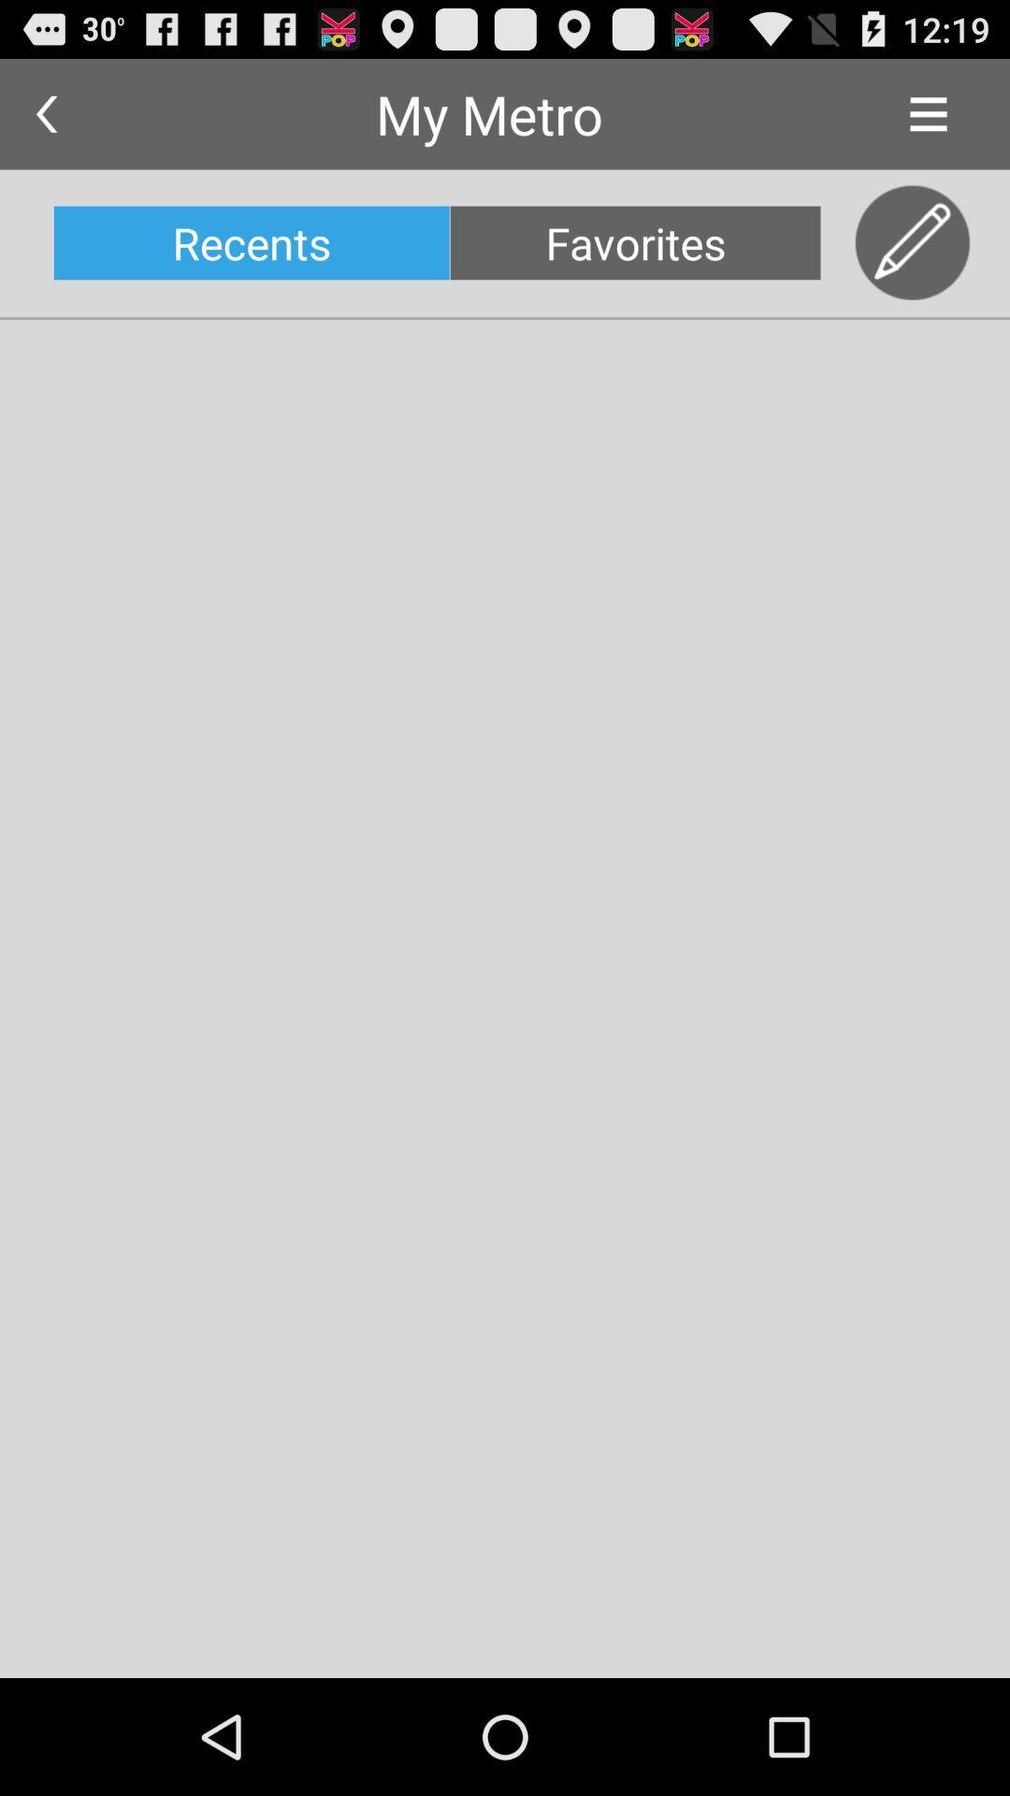  What do you see at coordinates (912, 242) in the screenshot?
I see `the app next to favorites icon` at bounding box center [912, 242].